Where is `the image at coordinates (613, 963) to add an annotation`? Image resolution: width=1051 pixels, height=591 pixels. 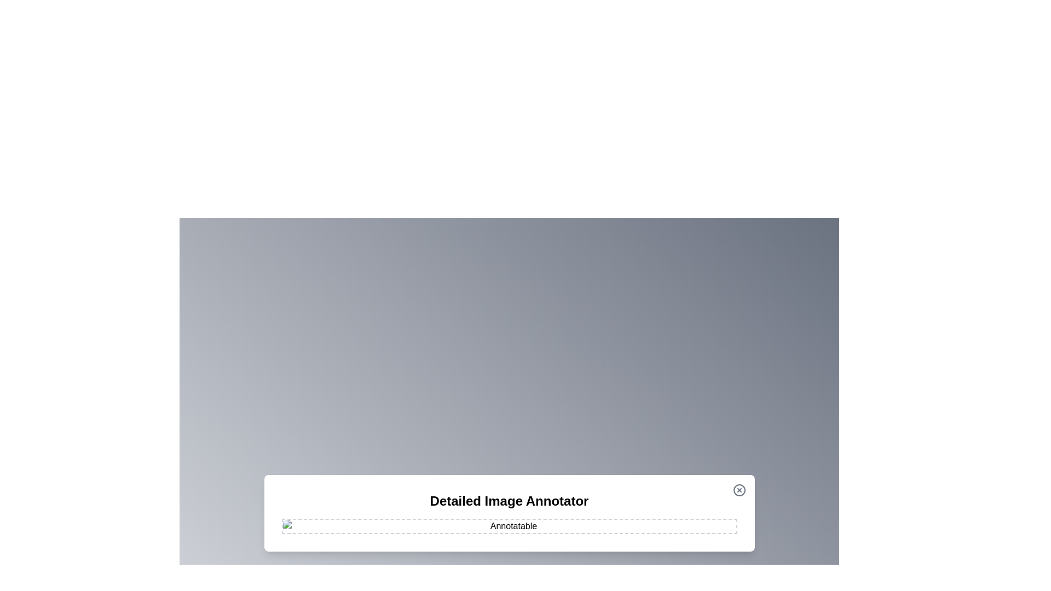
the image at coordinates (613, 963) to add an annotation is located at coordinates (335, 526).